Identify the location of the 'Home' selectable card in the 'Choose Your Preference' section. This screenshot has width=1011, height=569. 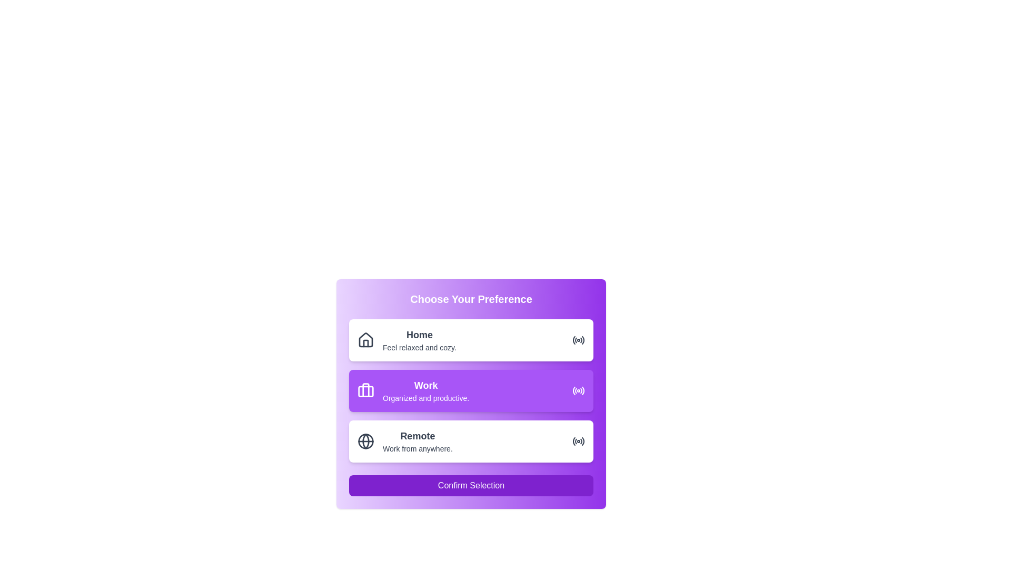
(470, 340).